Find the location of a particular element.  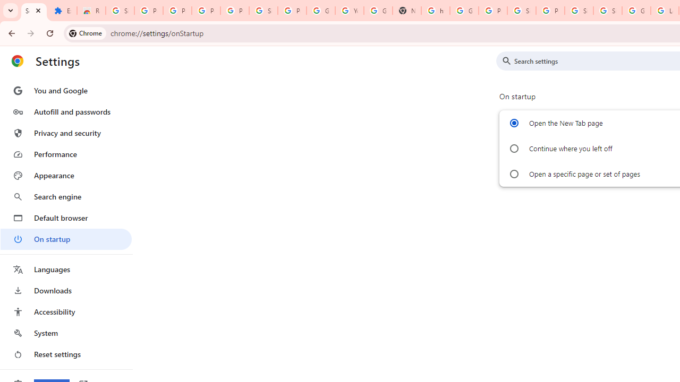

'Privacy and security' is located at coordinates (65, 132).